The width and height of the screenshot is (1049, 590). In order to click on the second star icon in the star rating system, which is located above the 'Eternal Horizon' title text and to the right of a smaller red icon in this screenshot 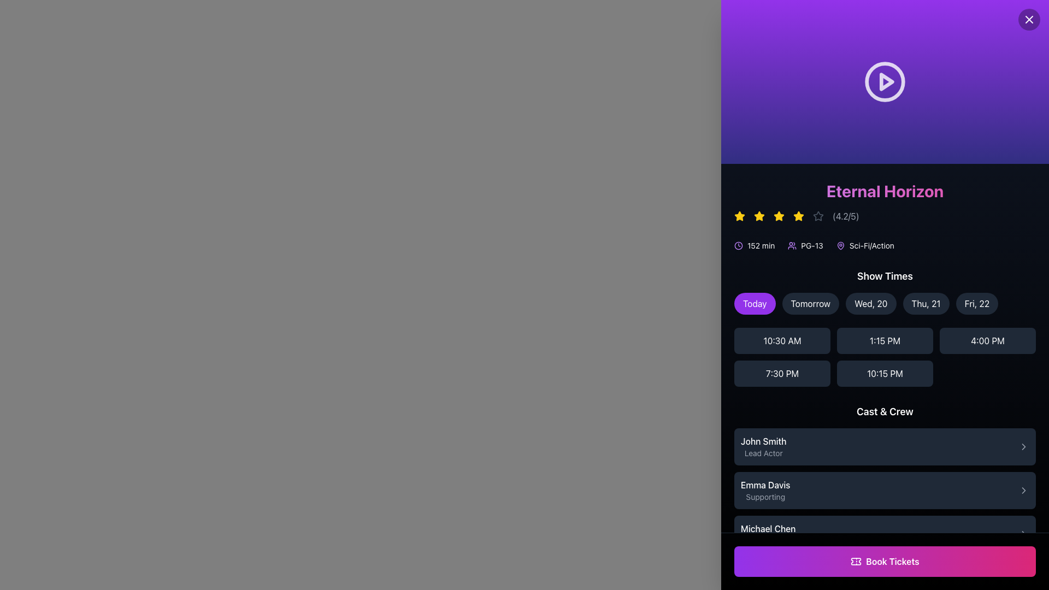, I will do `click(739, 216)`.